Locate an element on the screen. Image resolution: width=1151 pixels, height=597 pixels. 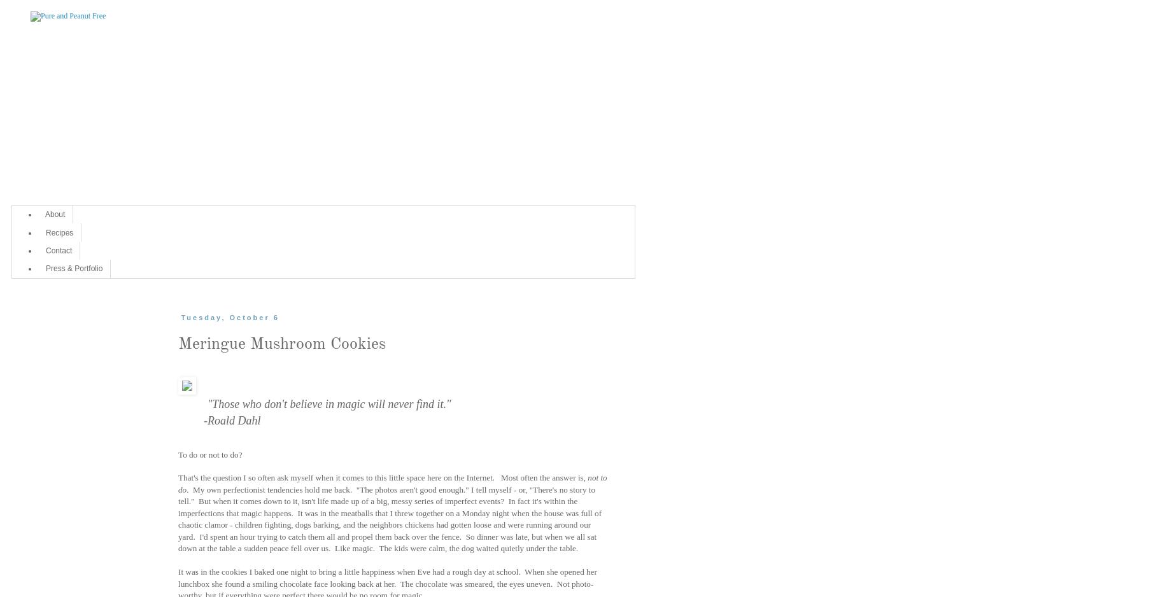
'not to do' is located at coordinates (392, 483).